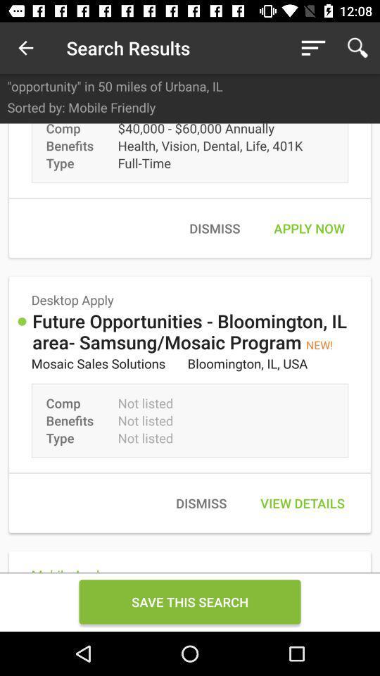 Image resolution: width=380 pixels, height=676 pixels. Describe the element at coordinates (313, 48) in the screenshot. I see `icon to the right of search results item` at that location.